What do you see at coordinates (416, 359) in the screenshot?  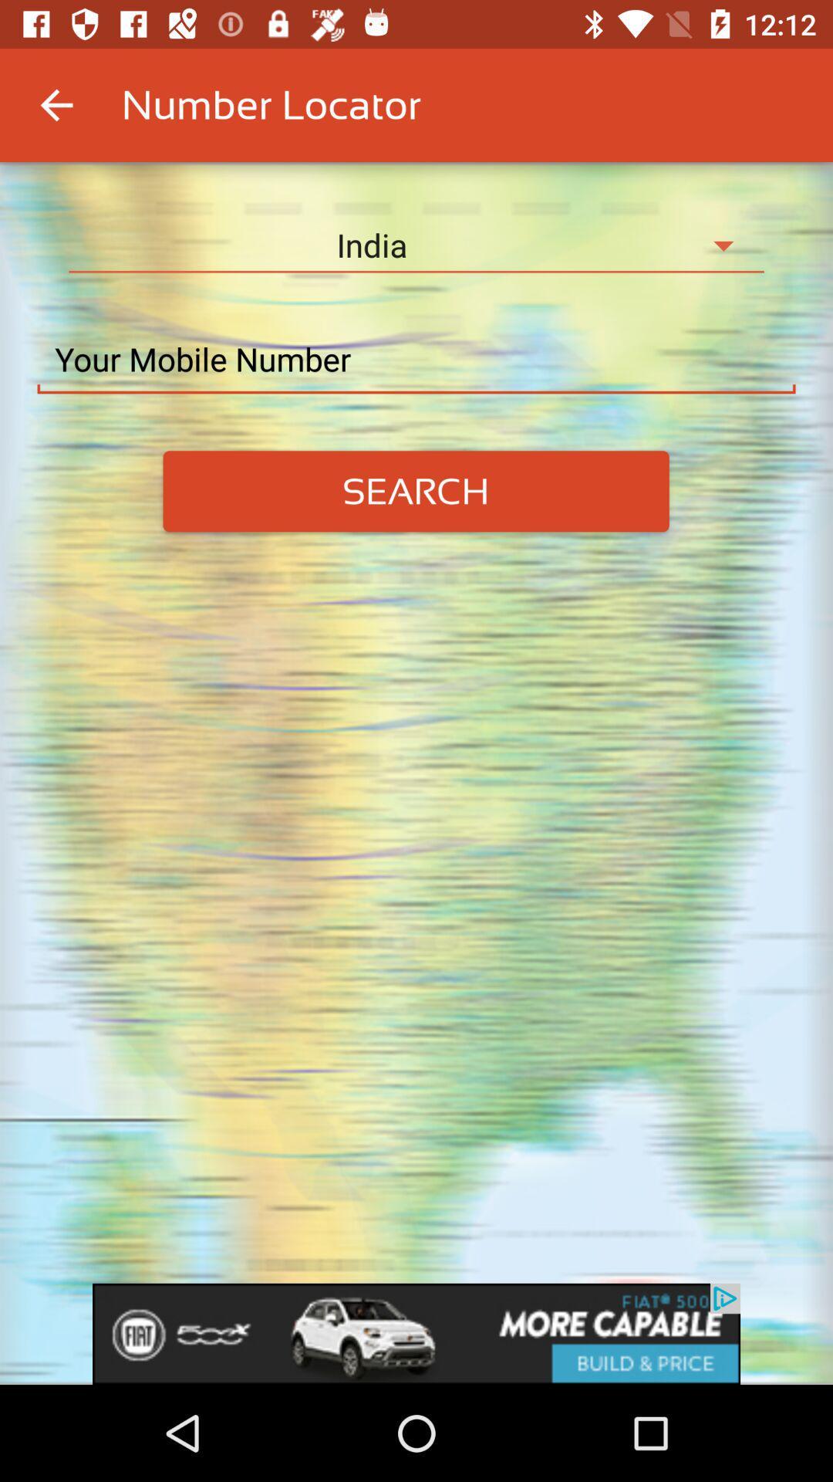 I see `type in your mobile number` at bounding box center [416, 359].